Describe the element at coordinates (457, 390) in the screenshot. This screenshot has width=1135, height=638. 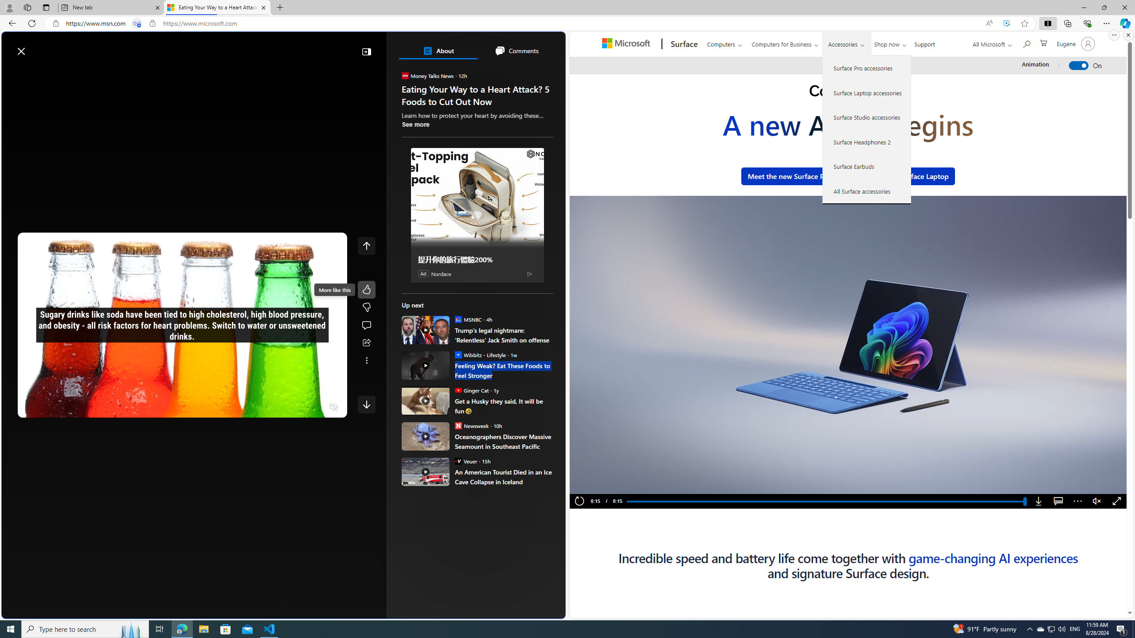
I see `'Ginger Cat'` at that location.